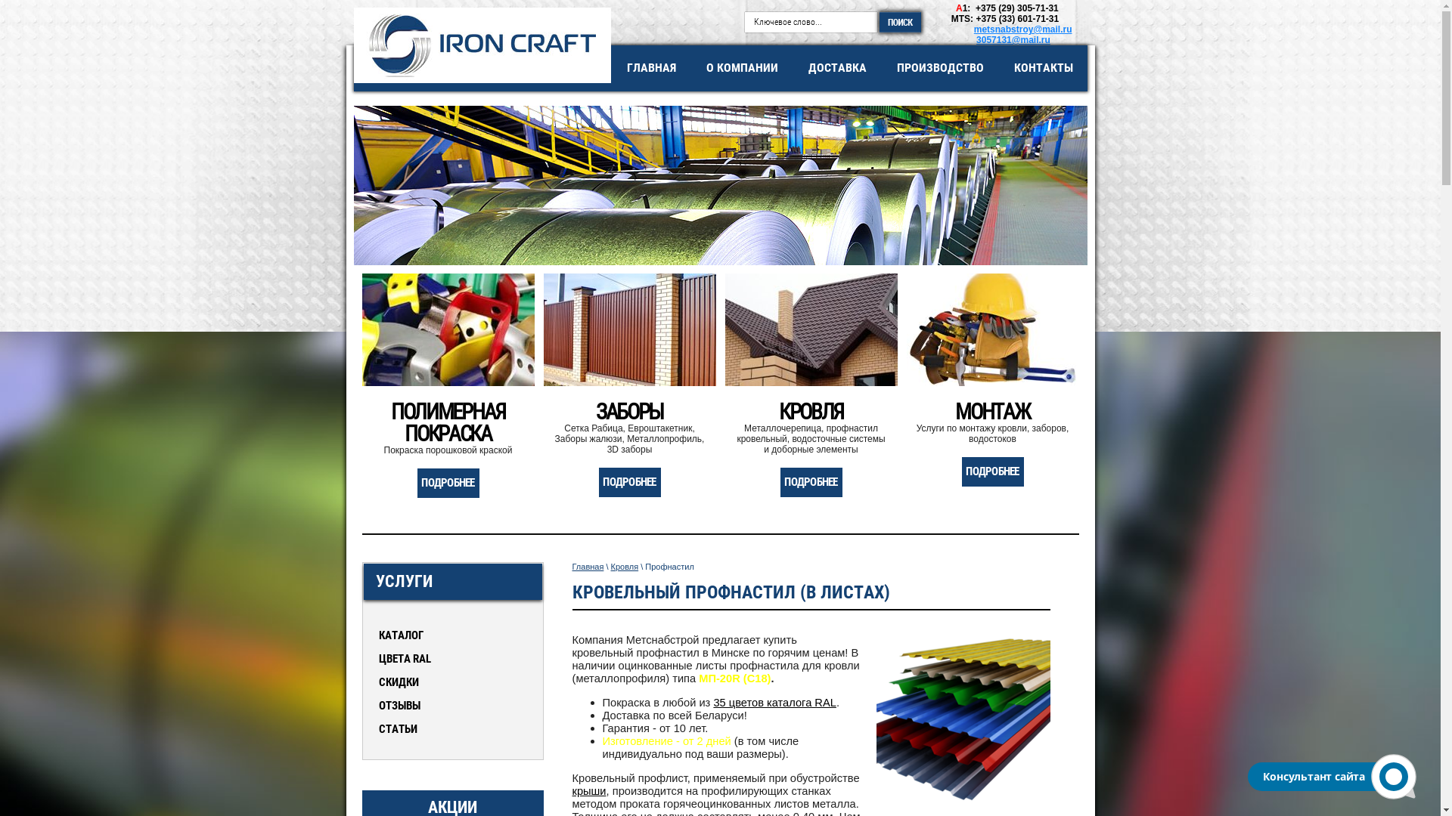  What do you see at coordinates (1023, 29) in the screenshot?
I see `'metsnabstroy@mail.ru'` at bounding box center [1023, 29].